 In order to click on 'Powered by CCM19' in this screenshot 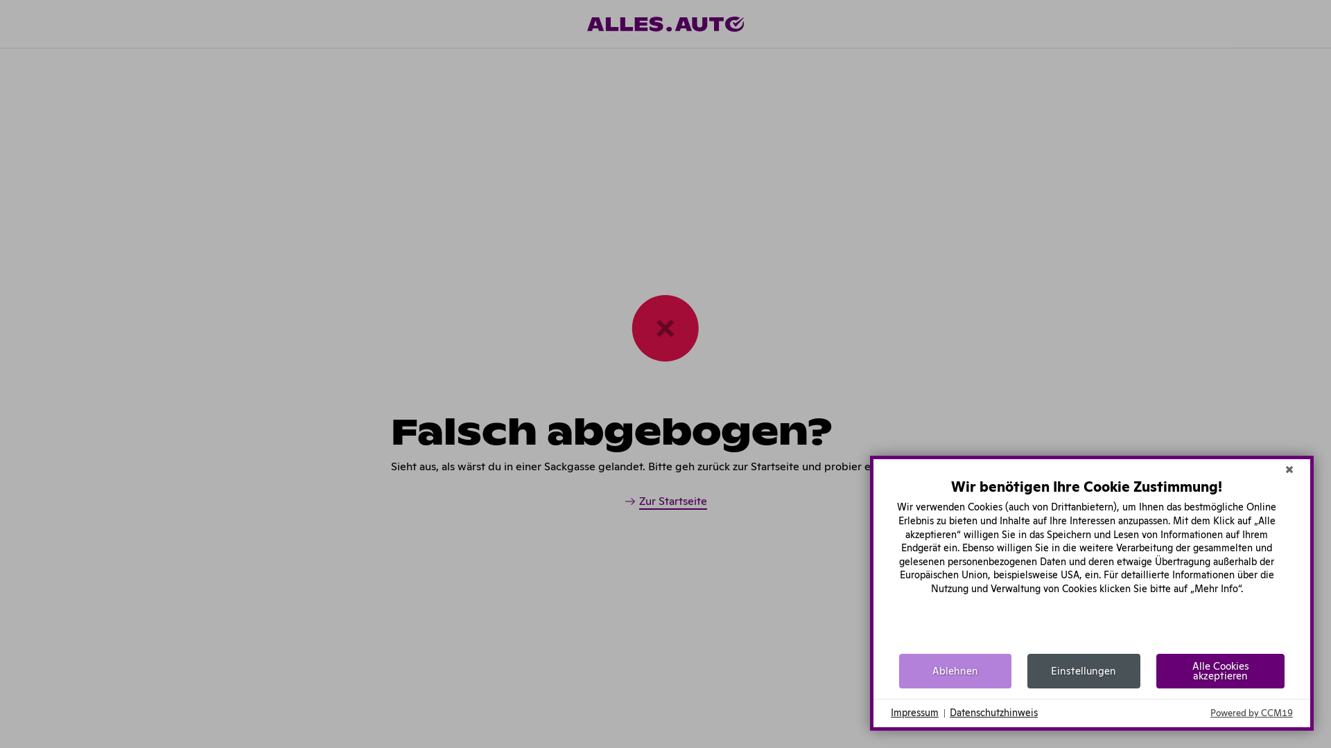, I will do `click(1251, 713)`.